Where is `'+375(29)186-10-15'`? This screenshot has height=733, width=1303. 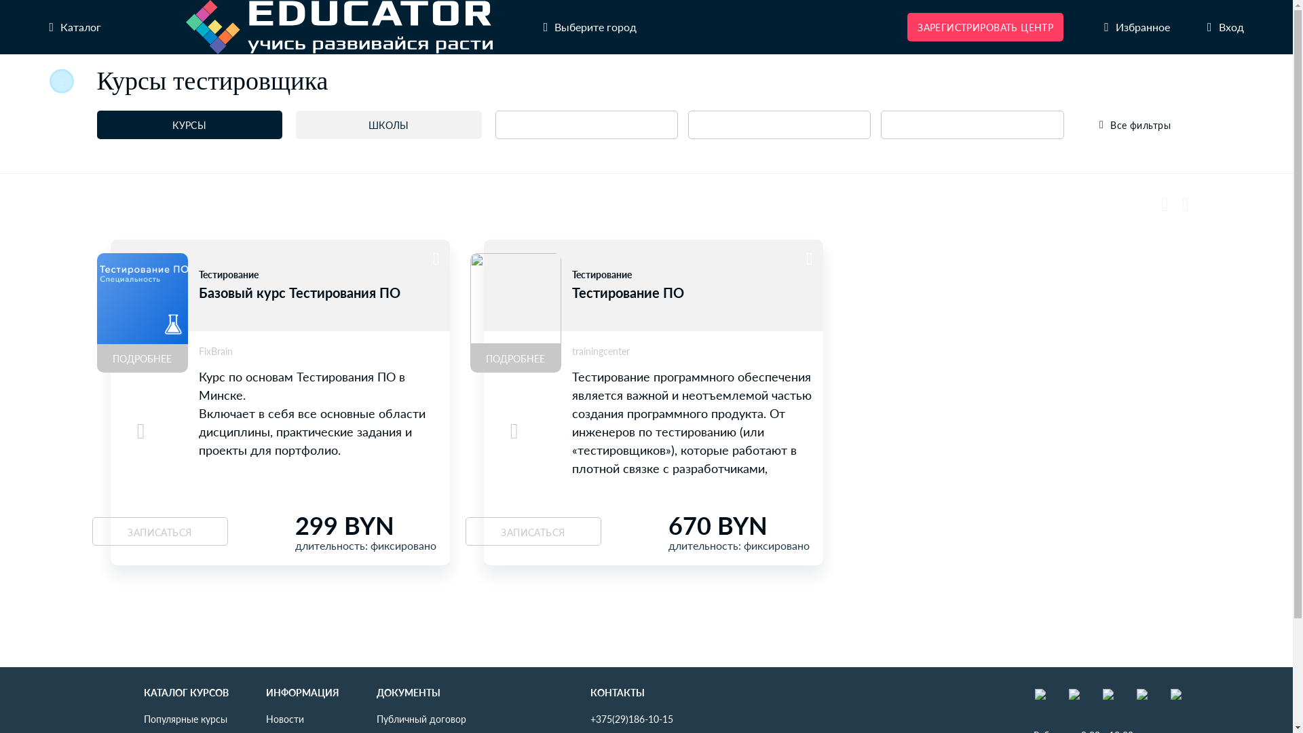 '+375(29)186-10-15' is located at coordinates (631, 718).